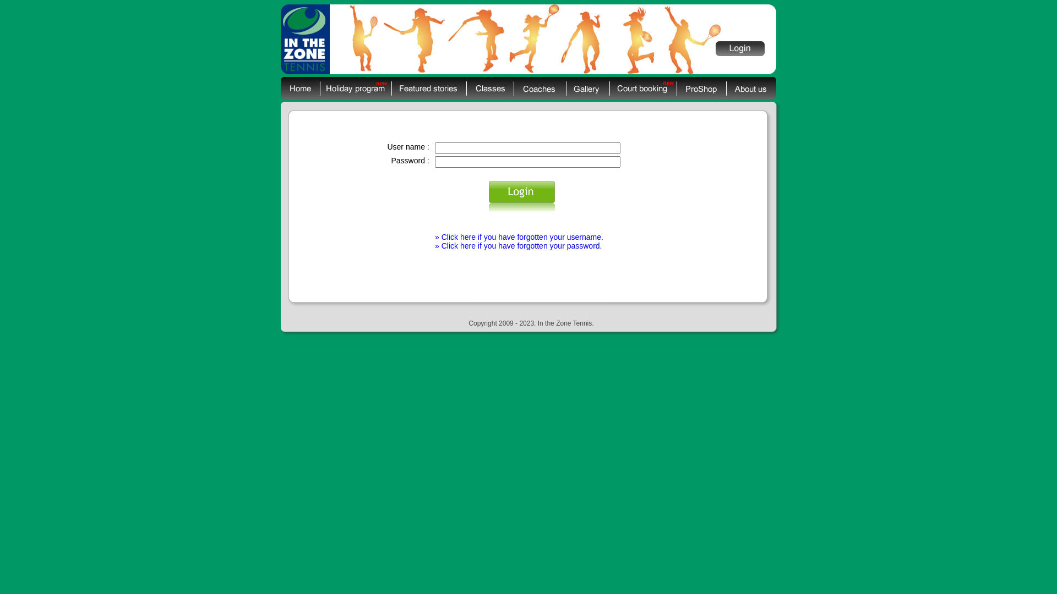  What do you see at coordinates (466, 87) in the screenshot?
I see `'Classes'` at bounding box center [466, 87].